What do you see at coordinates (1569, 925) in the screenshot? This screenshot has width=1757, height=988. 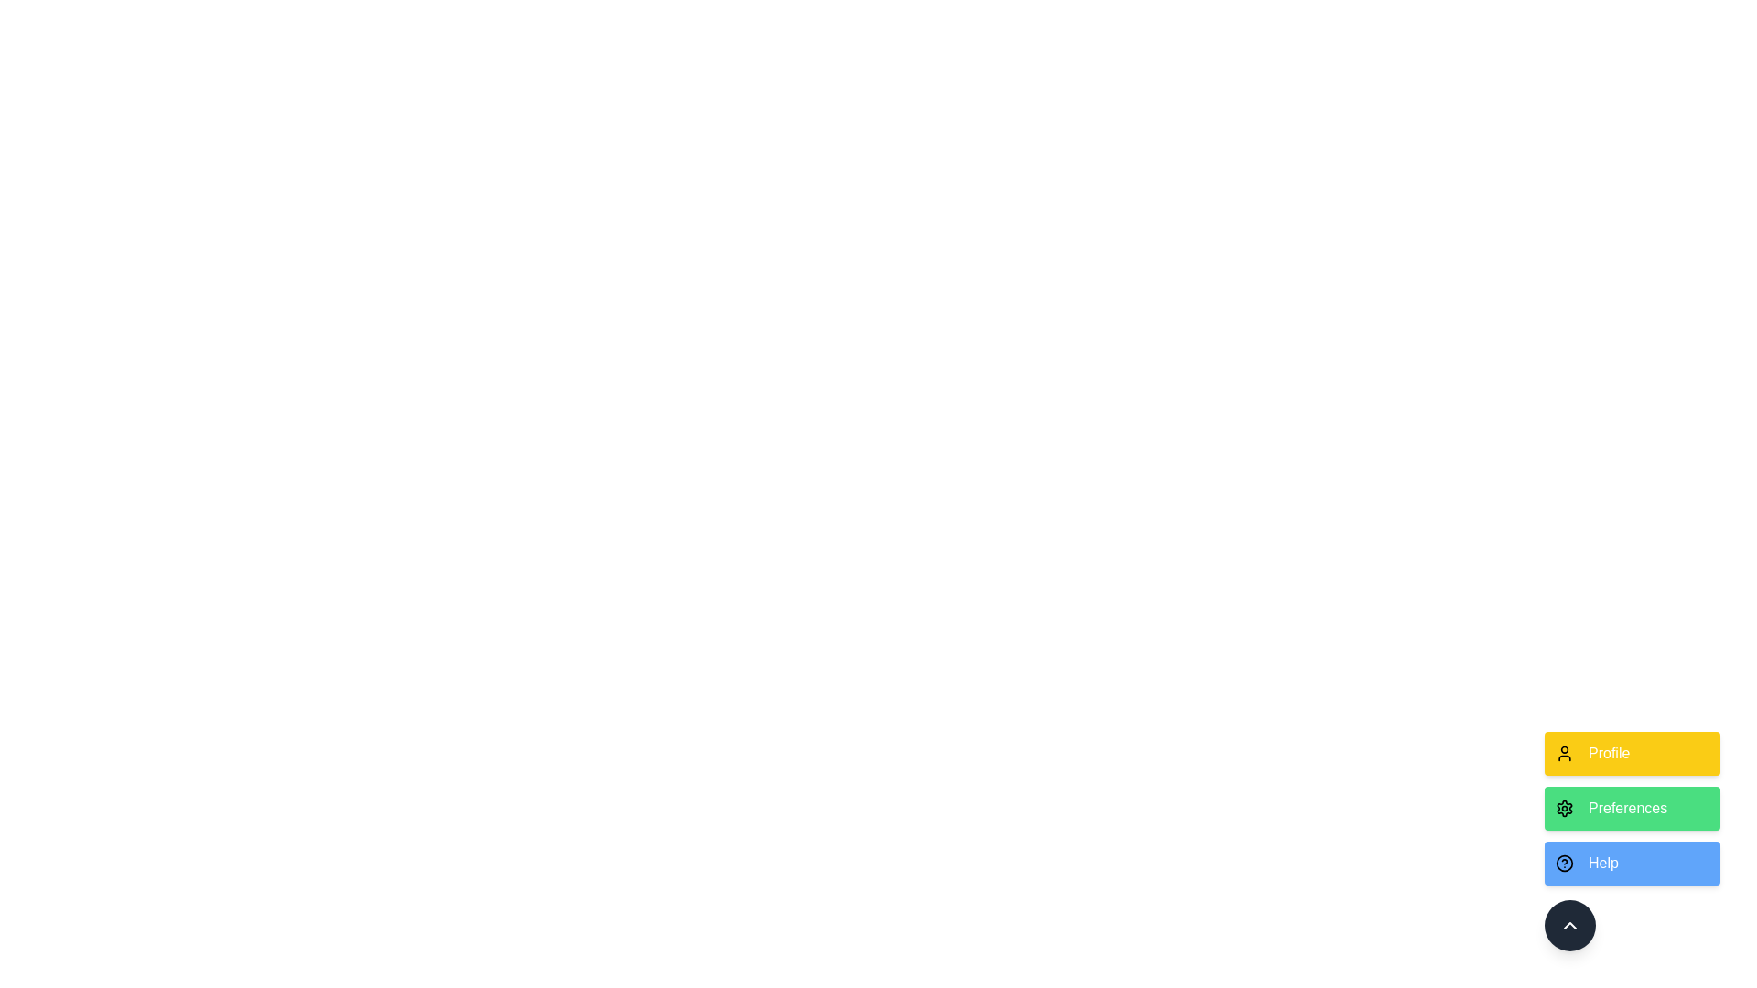 I see `the toggle button to toggle the speed dial menu` at bounding box center [1569, 925].